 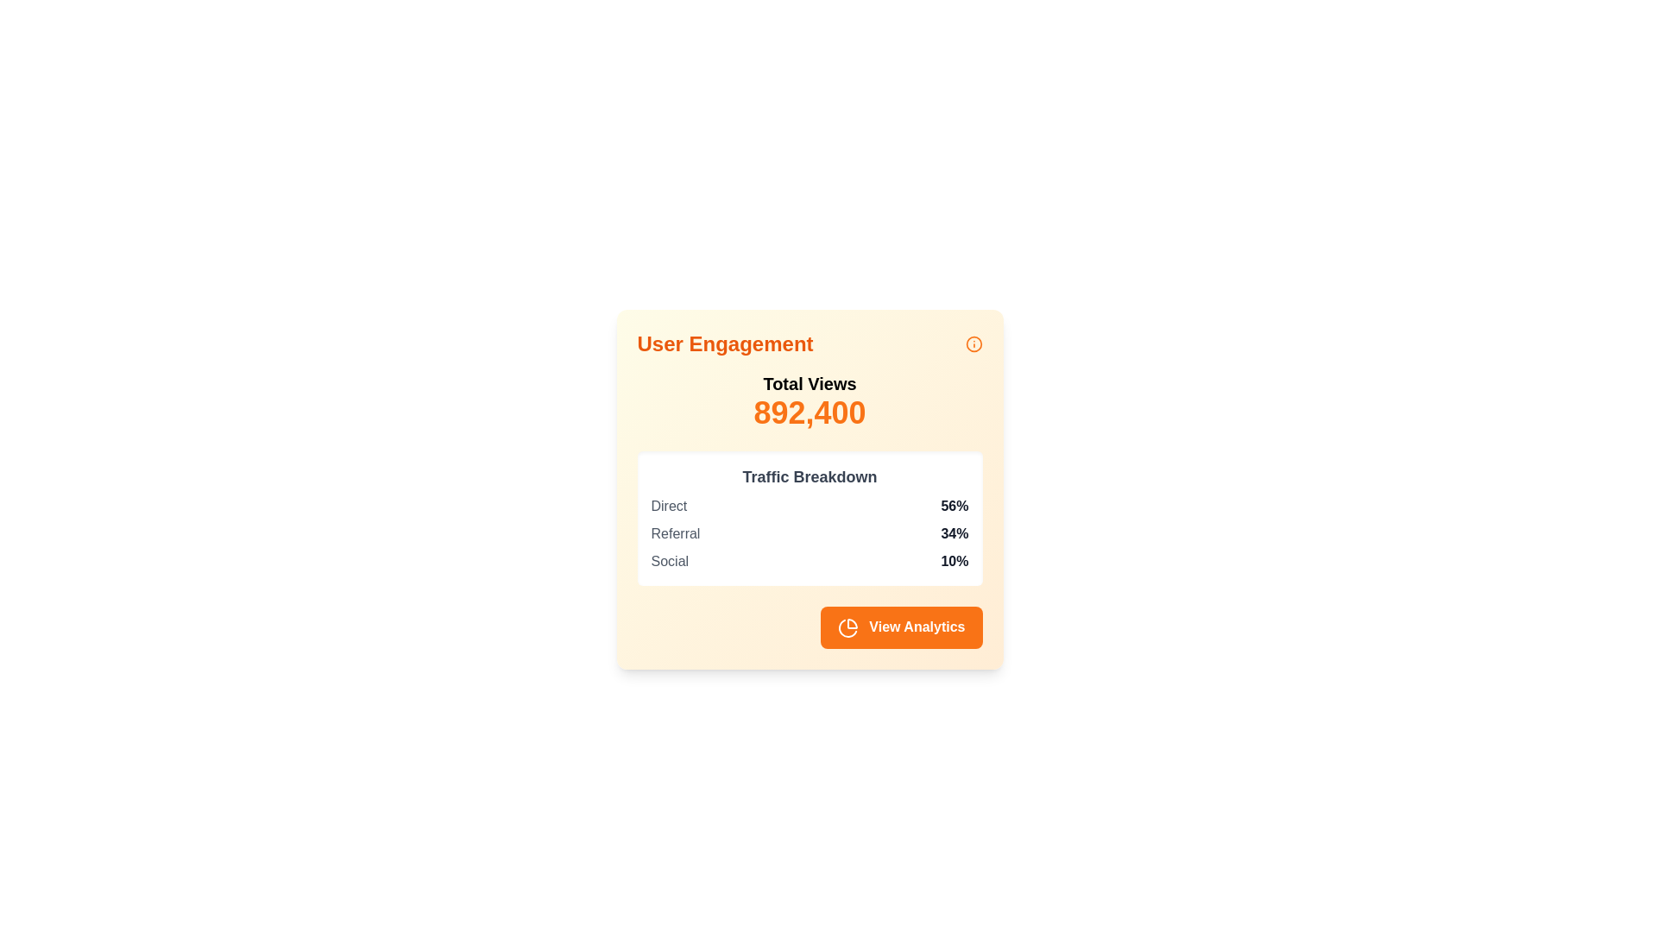 I want to click on the Text Header element that provides context for the traffic sources section, located within a white box below the total views count, so click(x=809, y=476).